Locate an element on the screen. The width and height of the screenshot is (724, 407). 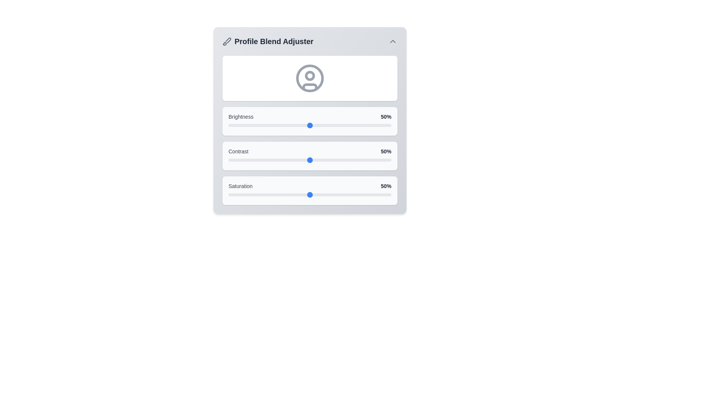
the 'Profile Blend Adjuster' header text located at the top of the settings panel, which includes an expansion control to its right is located at coordinates (310, 41).